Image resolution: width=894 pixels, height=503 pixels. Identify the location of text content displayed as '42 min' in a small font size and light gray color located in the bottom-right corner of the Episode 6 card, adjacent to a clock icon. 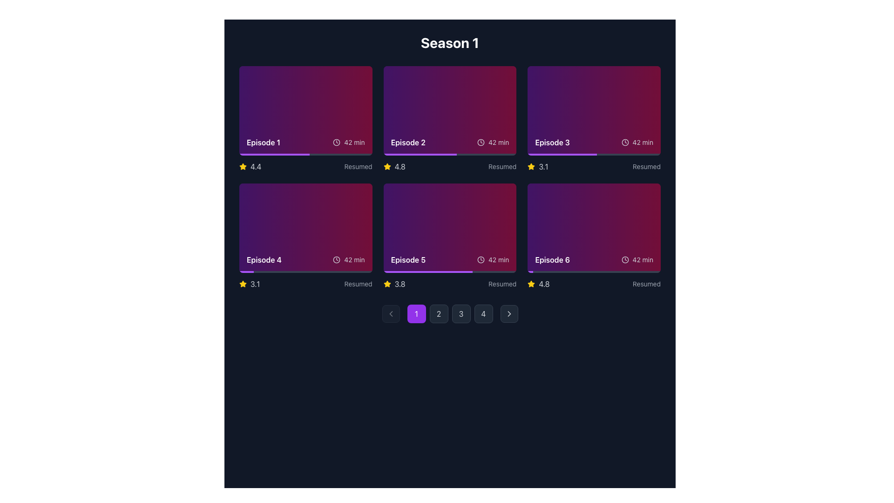
(642, 260).